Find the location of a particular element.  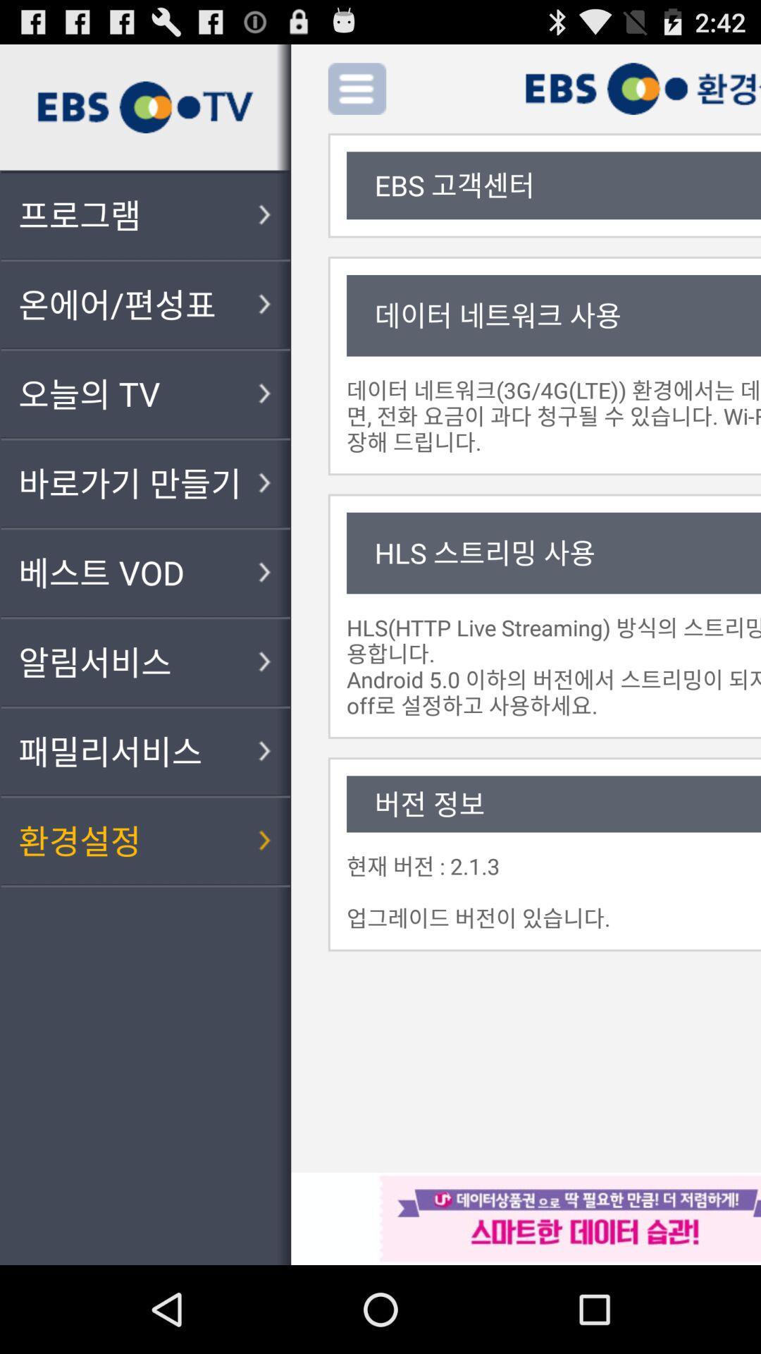

the add icon is located at coordinates (426, 94).